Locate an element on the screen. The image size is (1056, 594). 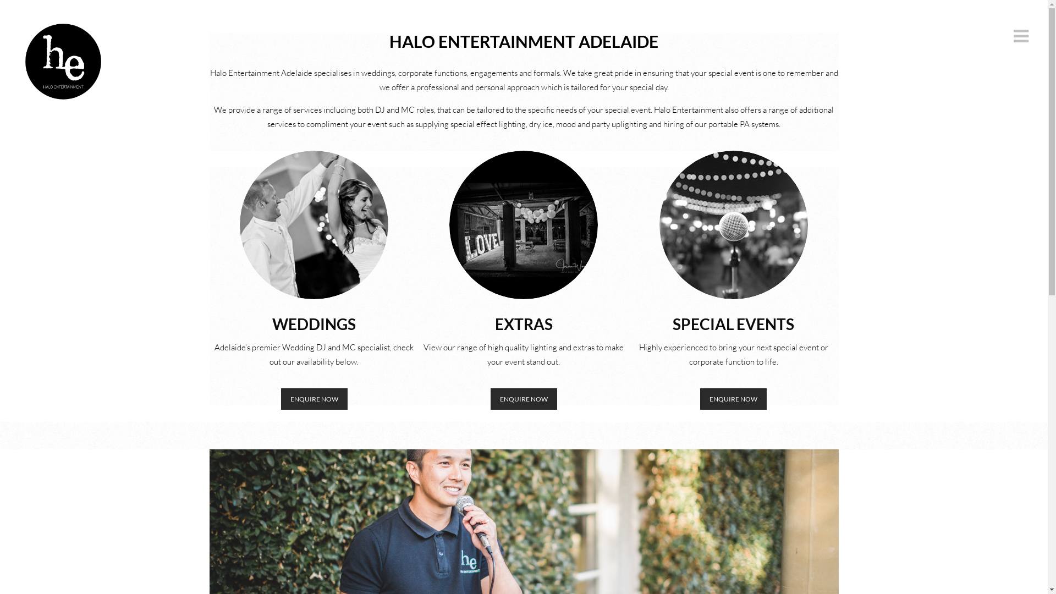
'LOVE NEW' is located at coordinates (522, 224).